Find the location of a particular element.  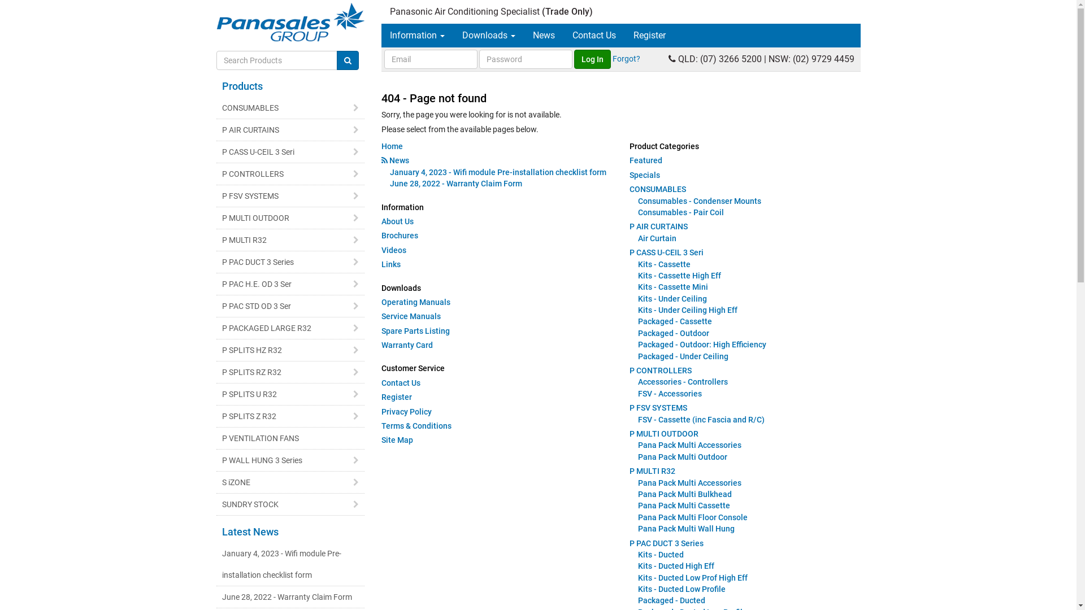

'Pana Pack Multi Cassette' is located at coordinates (683, 504).